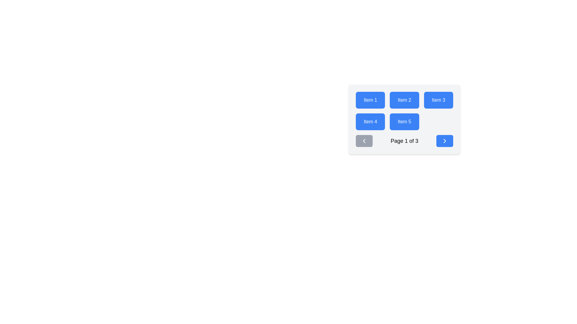  What do you see at coordinates (364, 141) in the screenshot?
I see `the navigation control icon` at bounding box center [364, 141].